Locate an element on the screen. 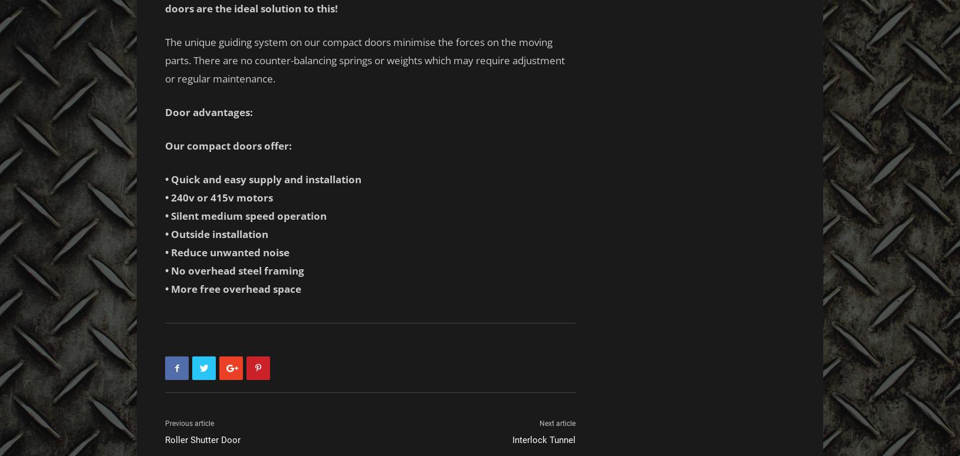 The height and width of the screenshot is (456, 960). '• Outside installation' is located at coordinates (216, 234).